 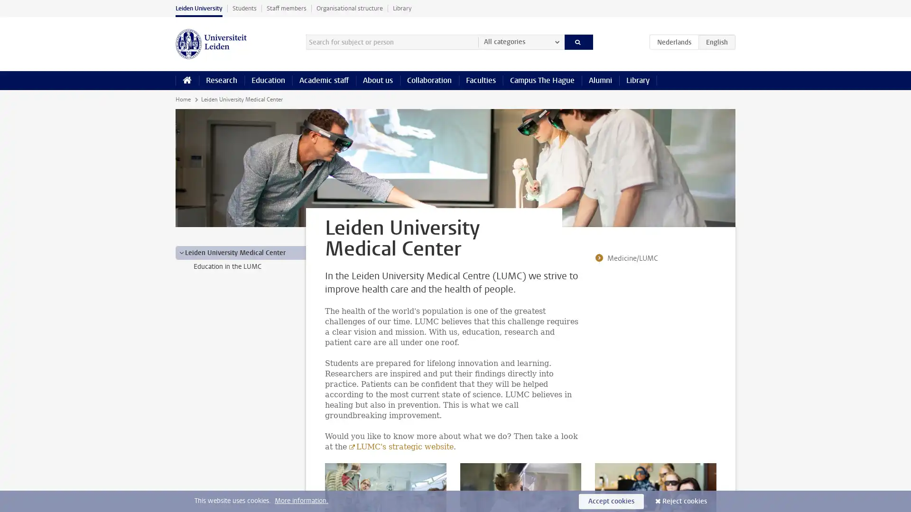 What do you see at coordinates (521, 41) in the screenshot?
I see `All categories` at bounding box center [521, 41].